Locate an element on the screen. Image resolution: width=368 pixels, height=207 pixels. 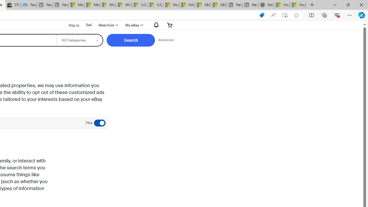
'Ship to' is located at coordinates (70, 25).